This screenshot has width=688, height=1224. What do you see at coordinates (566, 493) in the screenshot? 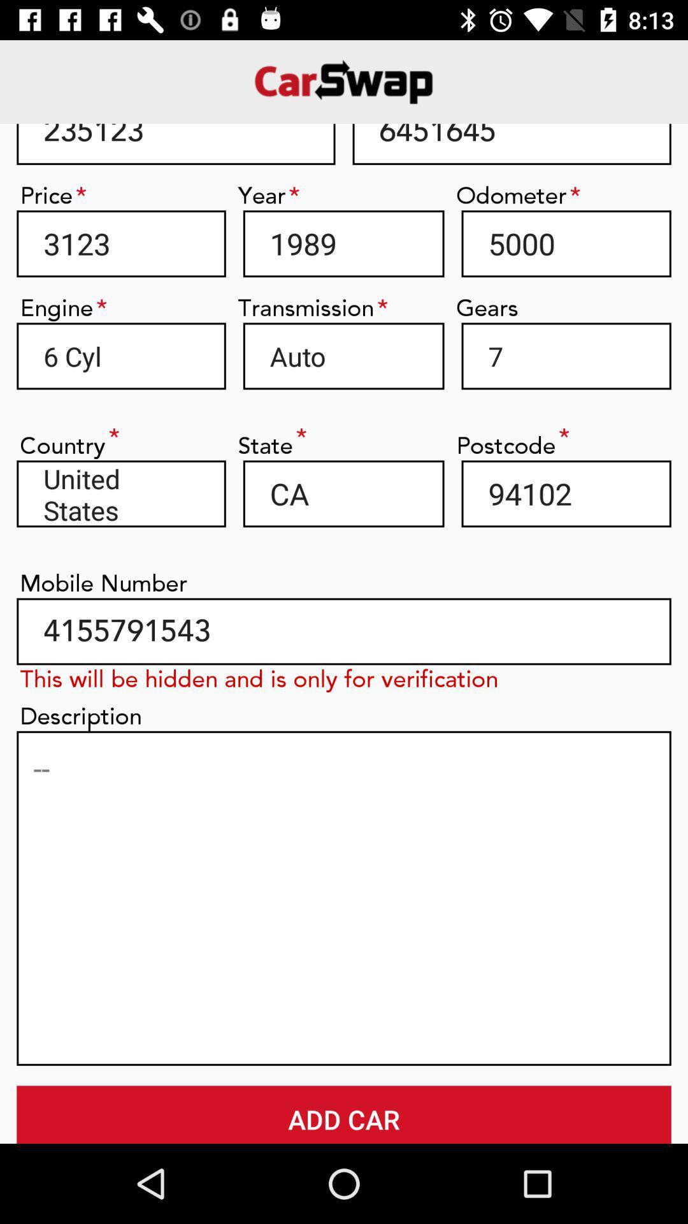
I see `the item next to ca item` at bounding box center [566, 493].